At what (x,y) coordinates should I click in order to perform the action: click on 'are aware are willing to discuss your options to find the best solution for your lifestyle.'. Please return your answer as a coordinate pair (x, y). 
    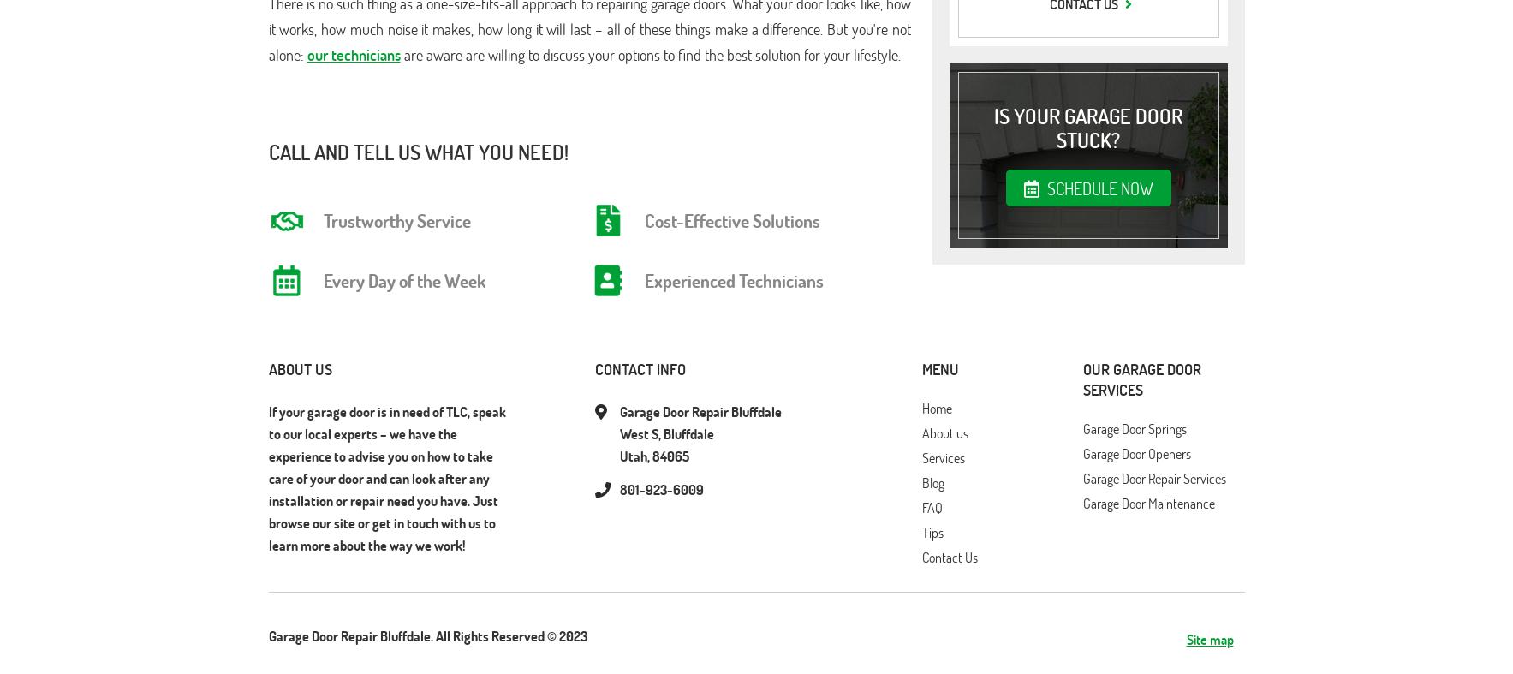
    Looking at the image, I should click on (648, 53).